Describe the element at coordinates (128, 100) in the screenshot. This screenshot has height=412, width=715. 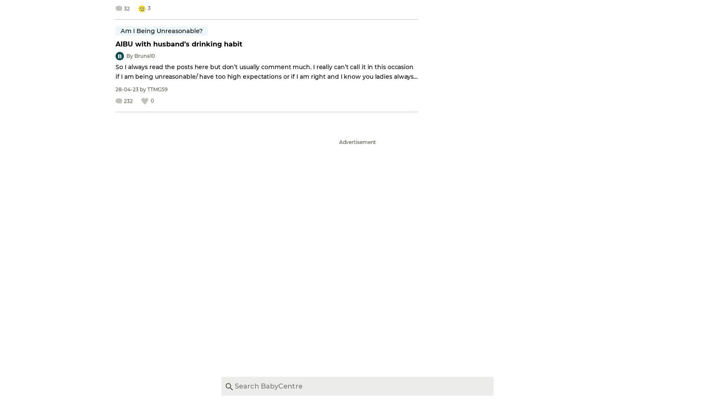
I see `'232'` at that location.